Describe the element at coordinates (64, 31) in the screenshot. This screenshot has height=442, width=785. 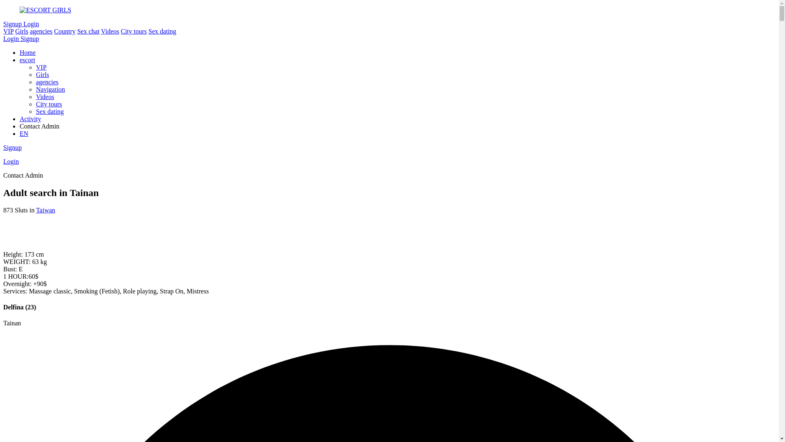
I see `'Country'` at that location.